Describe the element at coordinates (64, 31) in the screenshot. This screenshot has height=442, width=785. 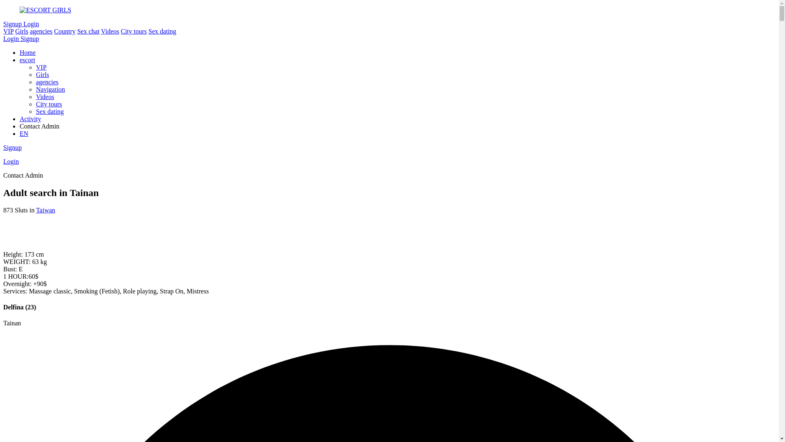
I see `'Country'` at that location.